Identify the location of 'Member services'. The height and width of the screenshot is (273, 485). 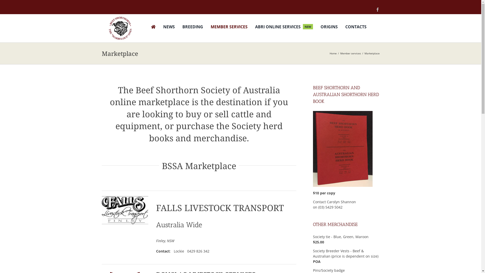
(350, 53).